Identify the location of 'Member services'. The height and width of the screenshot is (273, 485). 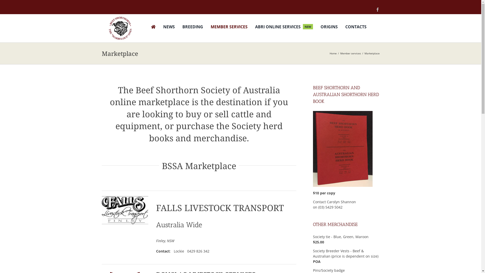
(350, 53).